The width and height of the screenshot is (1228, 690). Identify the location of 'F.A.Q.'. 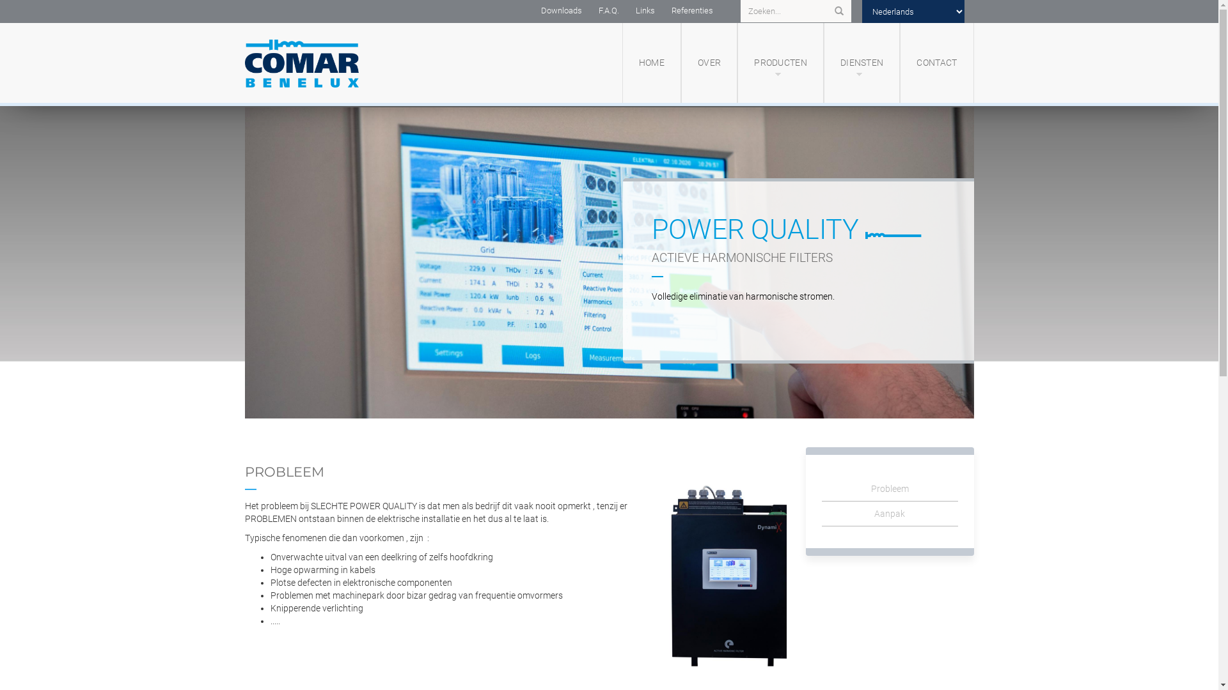
(607, 10).